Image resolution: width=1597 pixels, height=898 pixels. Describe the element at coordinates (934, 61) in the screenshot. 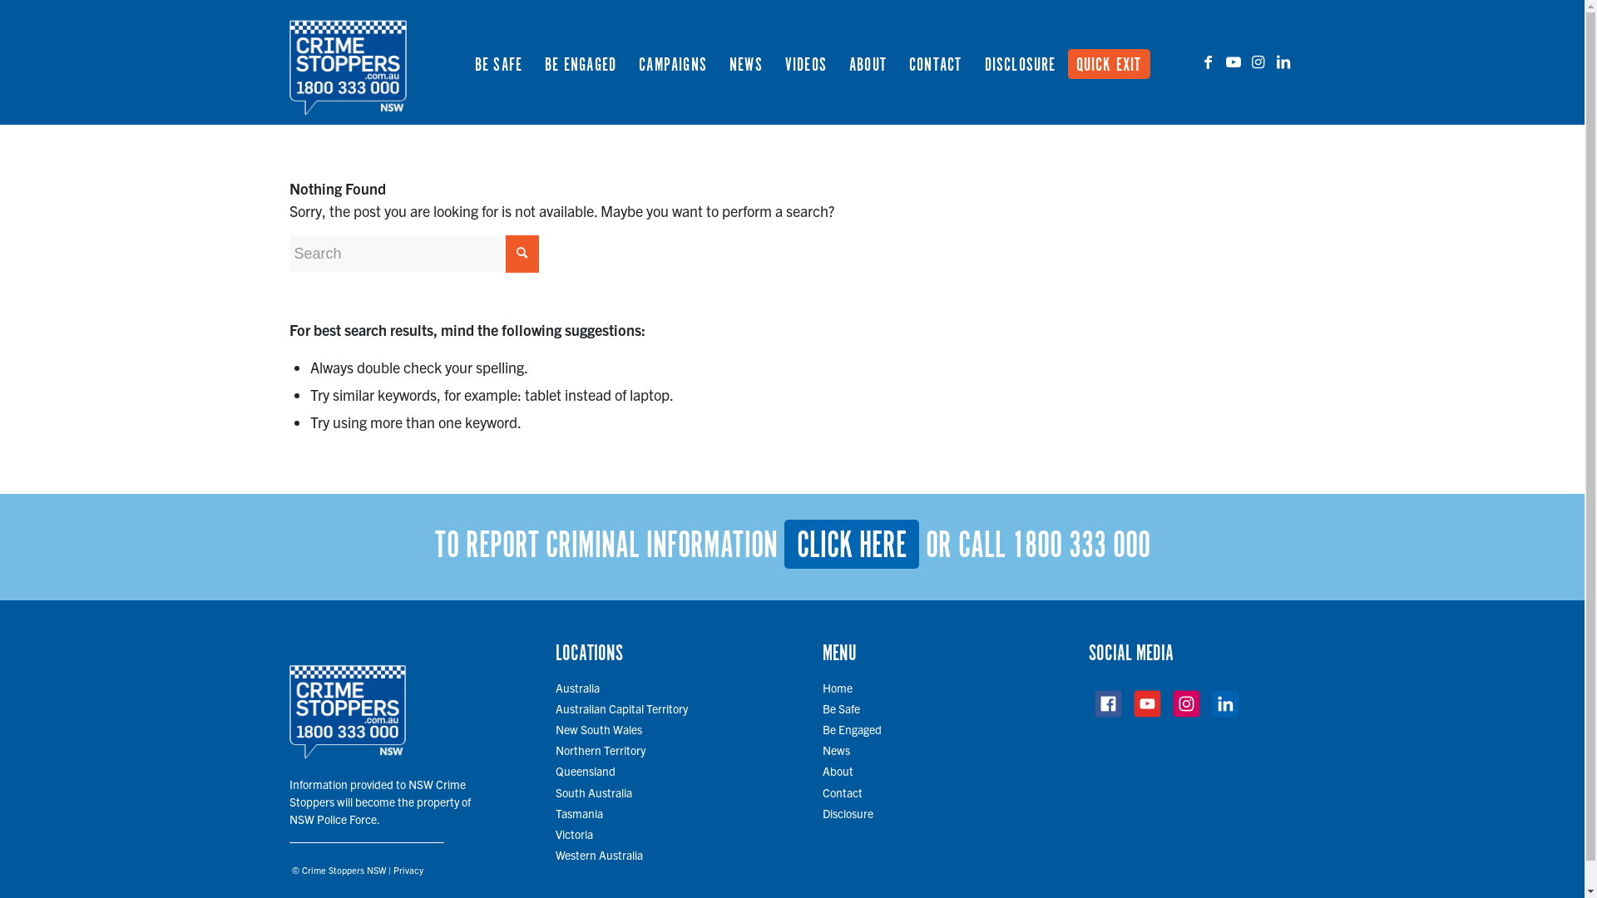

I see `'CONTACT'` at that location.